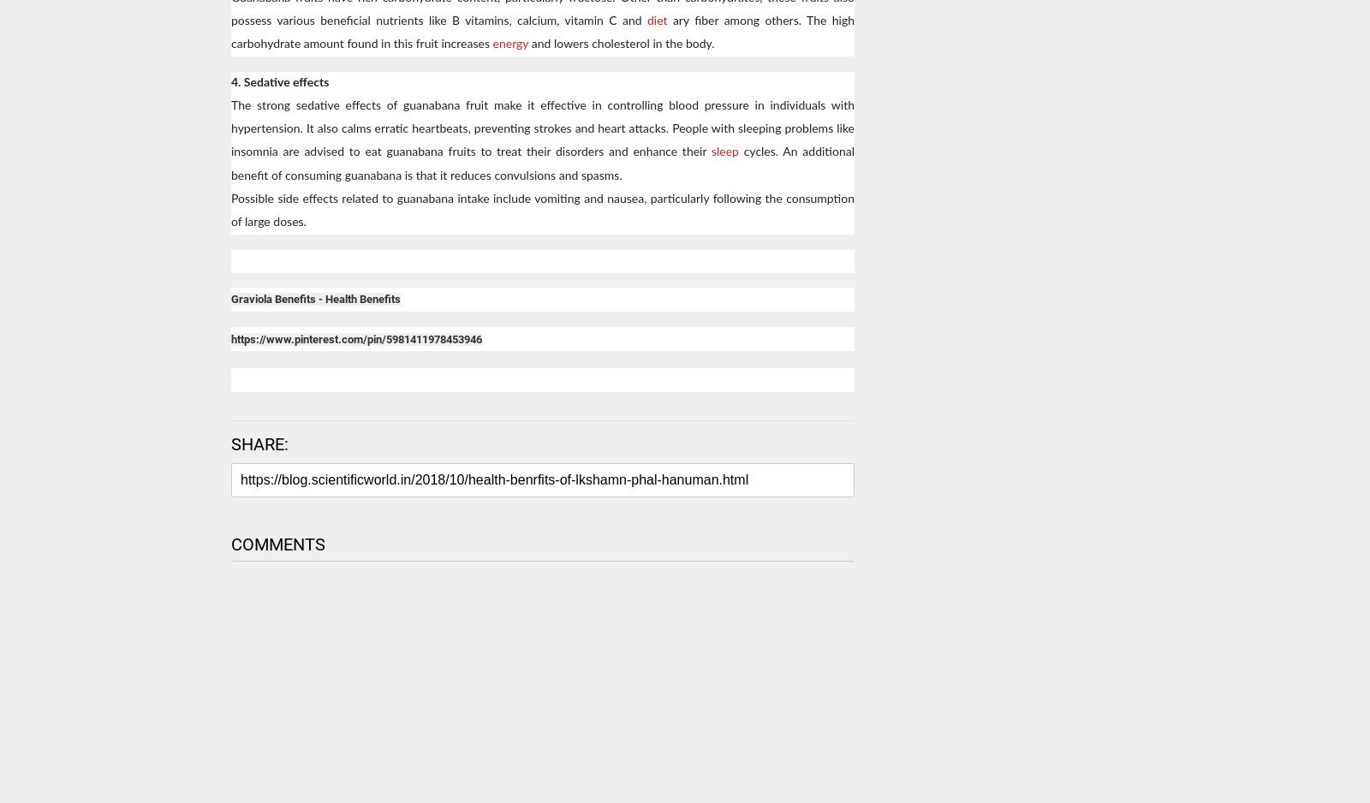  Describe the element at coordinates (355, 337) in the screenshot. I see `'https://www.pinterest.com/pin/5981411978453946'` at that location.